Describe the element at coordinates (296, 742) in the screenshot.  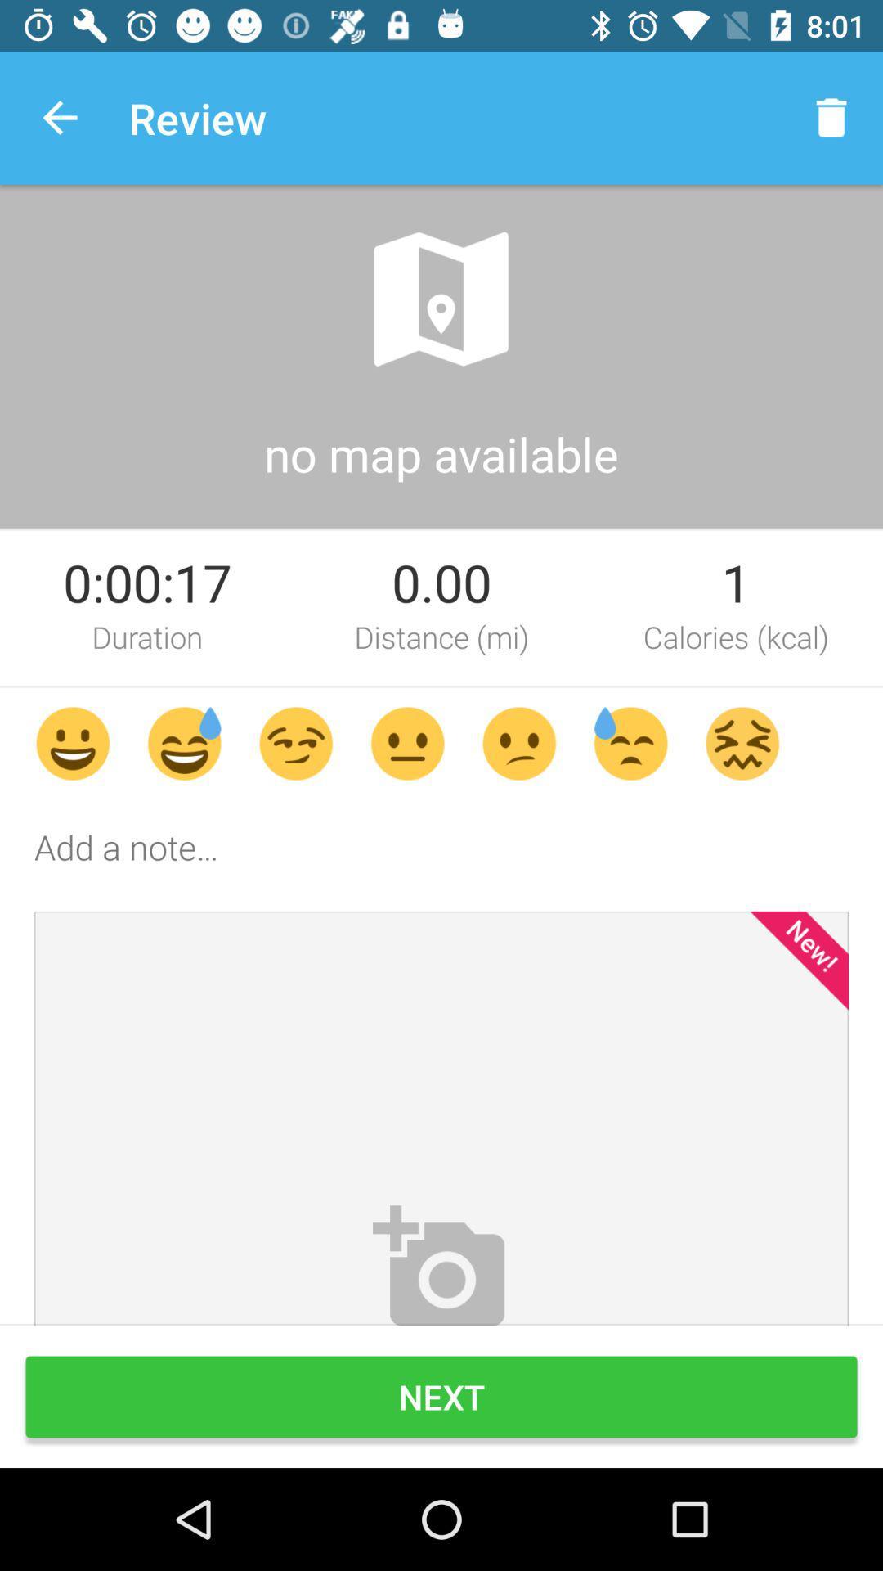
I see `the emoji icon` at that location.